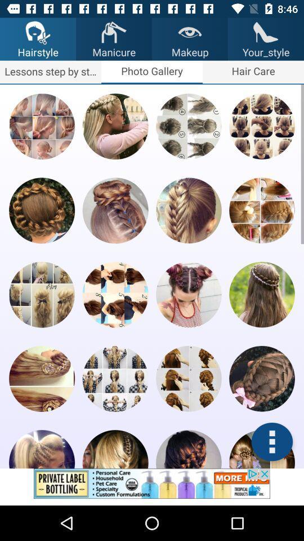 Image resolution: width=304 pixels, height=541 pixels. I want to click on open advertisement page, so click(152, 486).